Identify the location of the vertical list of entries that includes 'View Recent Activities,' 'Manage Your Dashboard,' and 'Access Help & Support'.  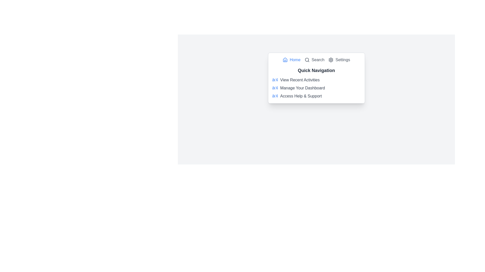
(316, 88).